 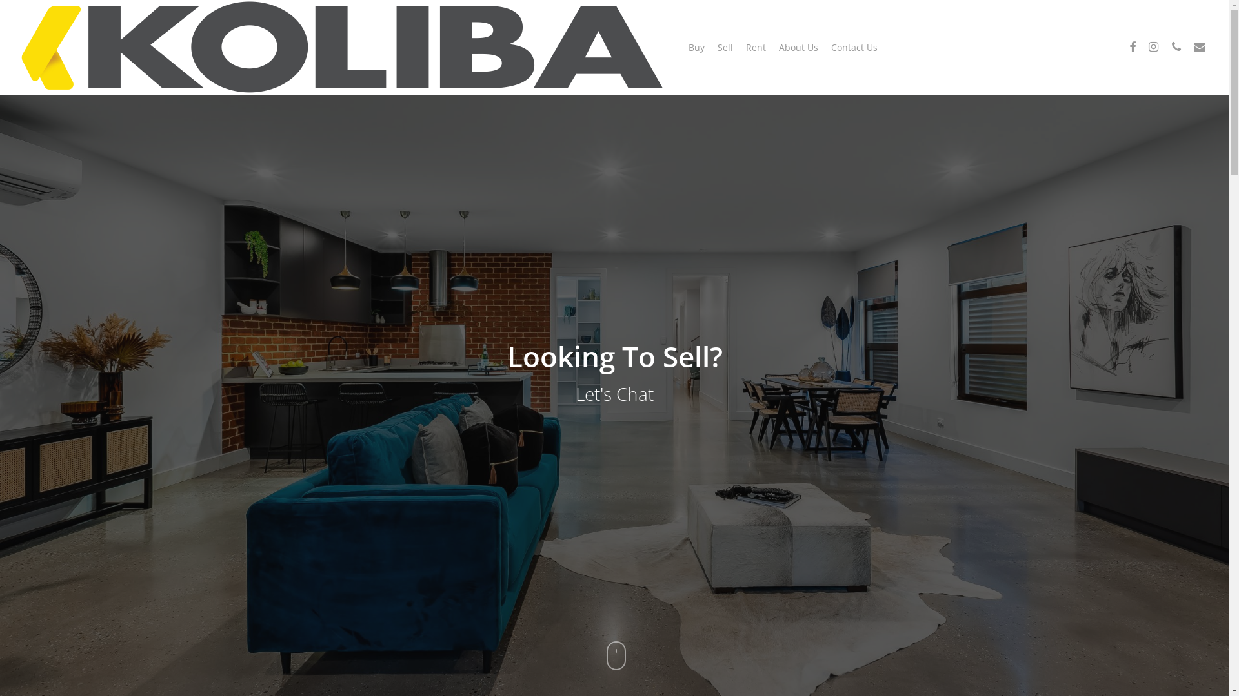 I want to click on 'email', so click(x=1187, y=46).